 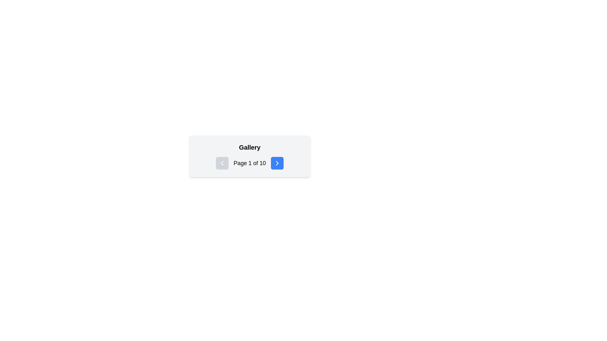 What do you see at coordinates (249, 147) in the screenshot?
I see `the text label that serves as a header or title for the card, positioned at the top center above the 'Page 1 of 10' text and navigation controls` at bounding box center [249, 147].